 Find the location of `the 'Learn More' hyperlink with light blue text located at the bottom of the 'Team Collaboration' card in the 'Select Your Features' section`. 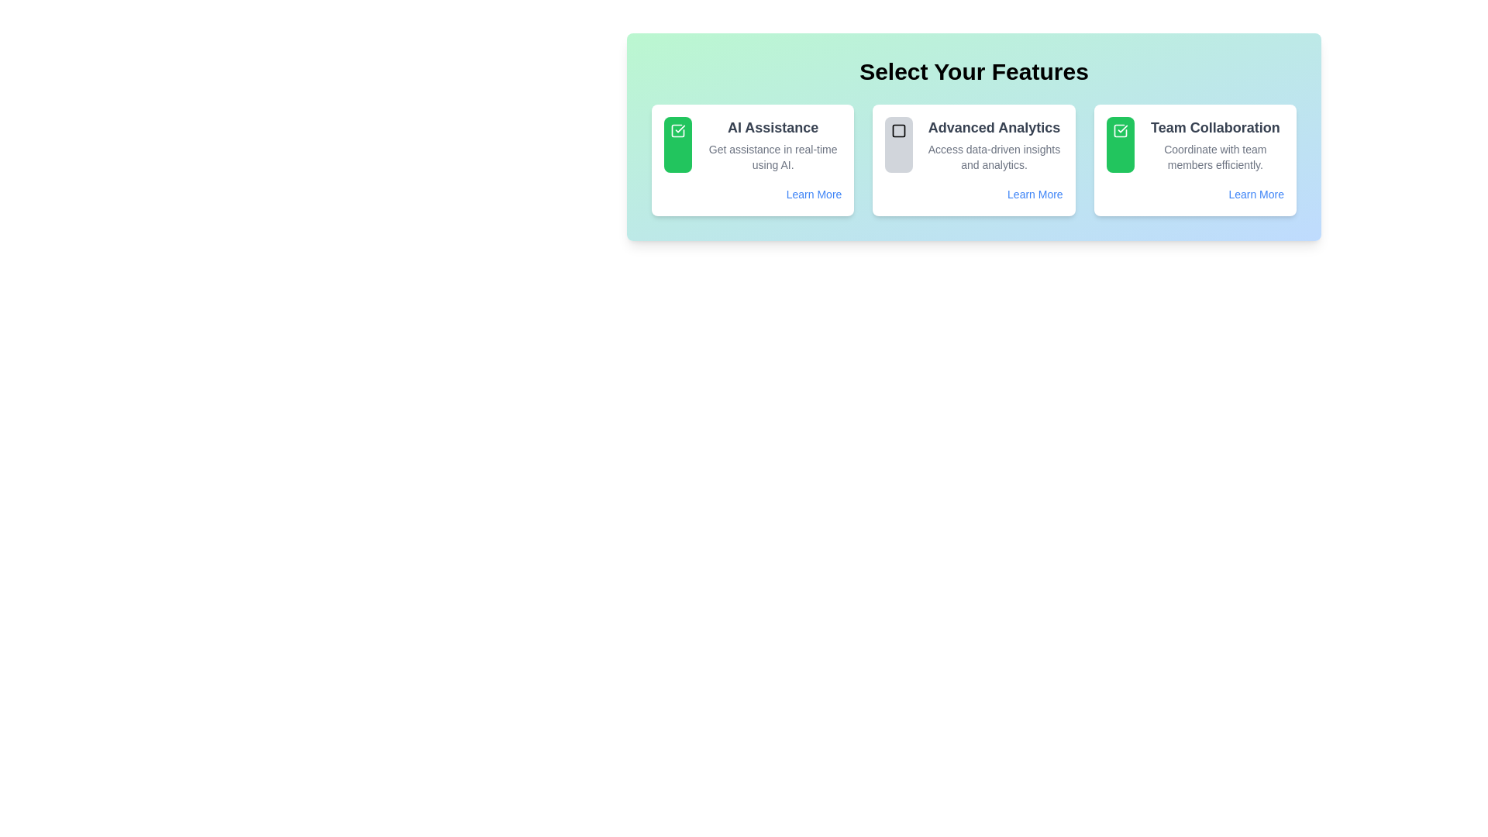

the 'Learn More' hyperlink with light blue text located at the bottom of the 'Team Collaboration' card in the 'Select Your Features' section is located at coordinates (1256, 193).